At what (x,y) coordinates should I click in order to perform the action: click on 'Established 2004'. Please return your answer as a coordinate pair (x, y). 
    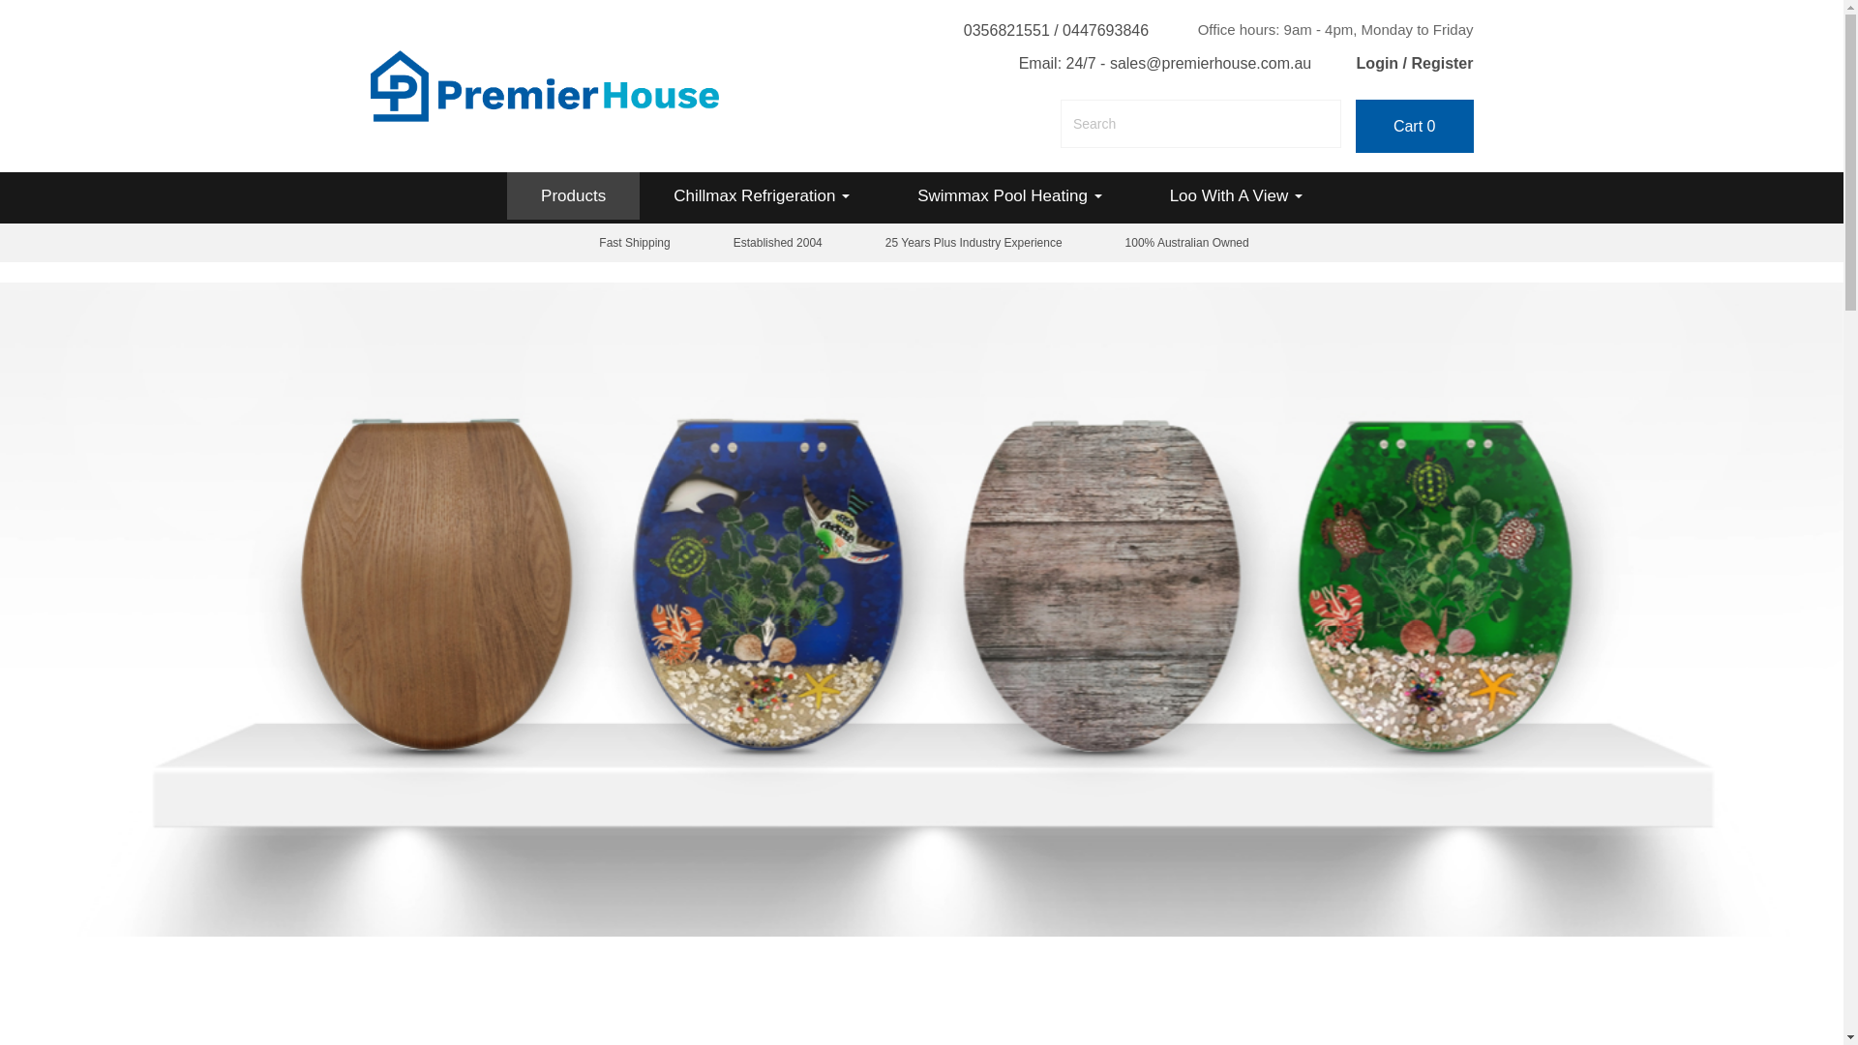
    Looking at the image, I should click on (775, 241).